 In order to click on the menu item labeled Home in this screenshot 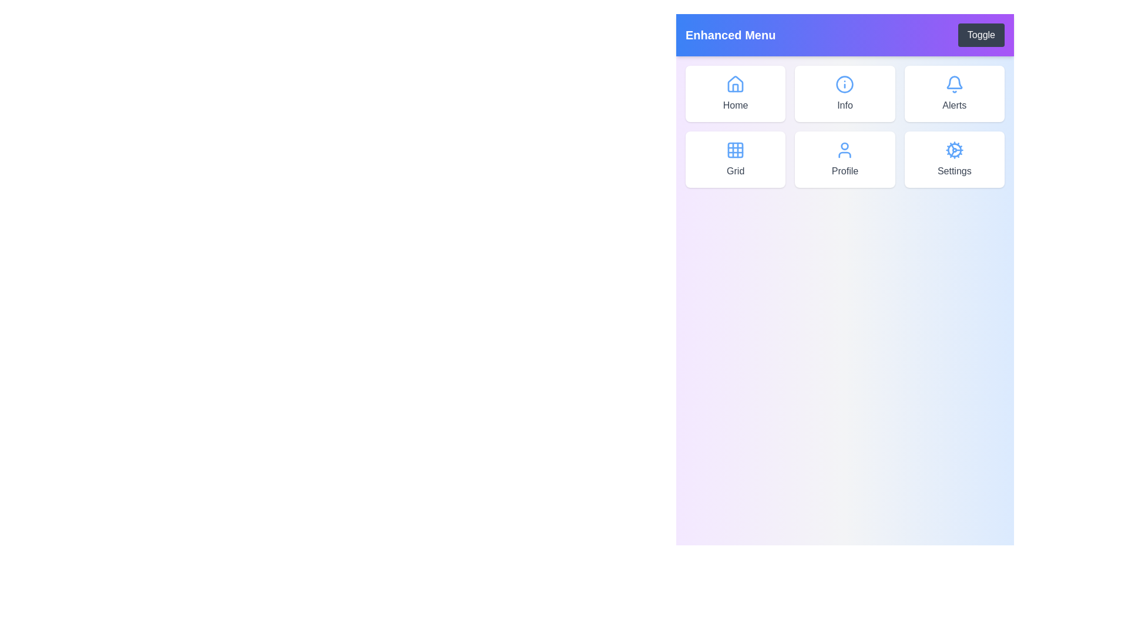, I will do `click(735, 93)`.